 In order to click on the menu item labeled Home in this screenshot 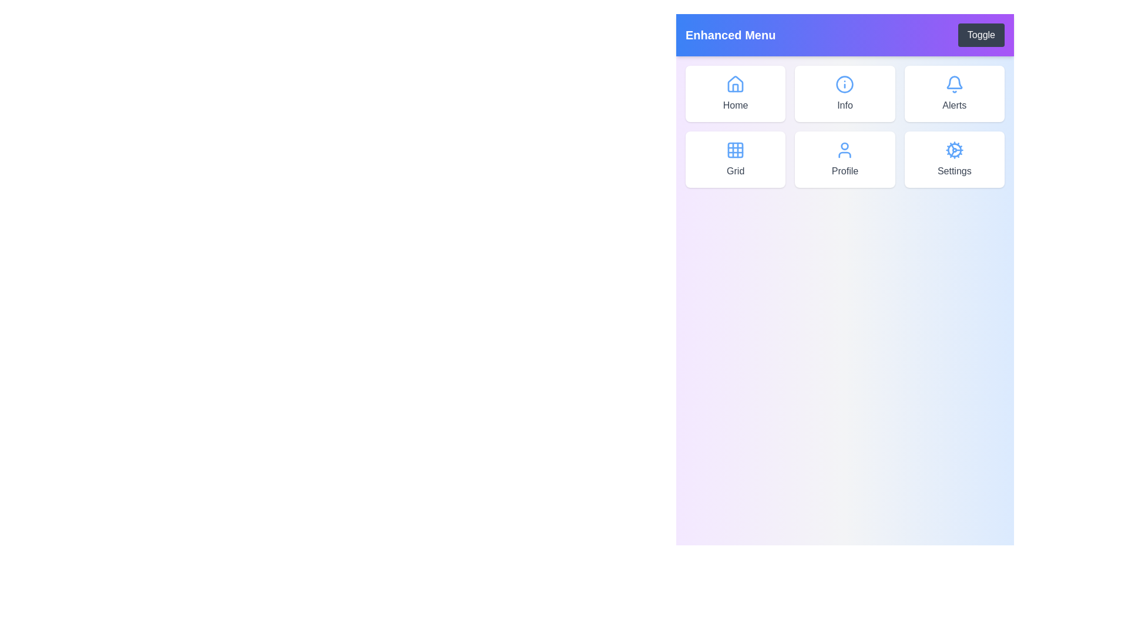, I will do `click(735, 93)`.